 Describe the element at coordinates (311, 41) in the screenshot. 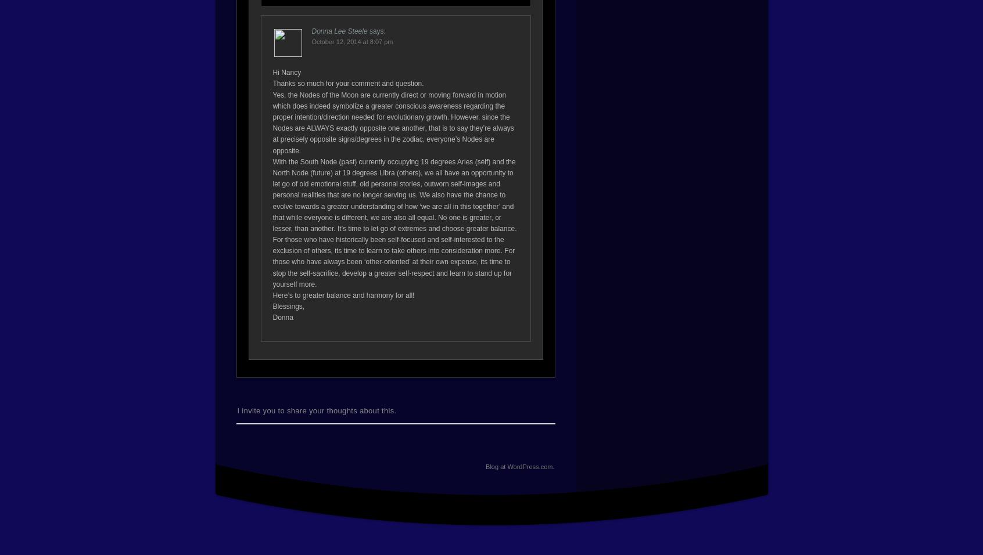

I see `'October 12, 2014 at 8:07 pm'` at that location.